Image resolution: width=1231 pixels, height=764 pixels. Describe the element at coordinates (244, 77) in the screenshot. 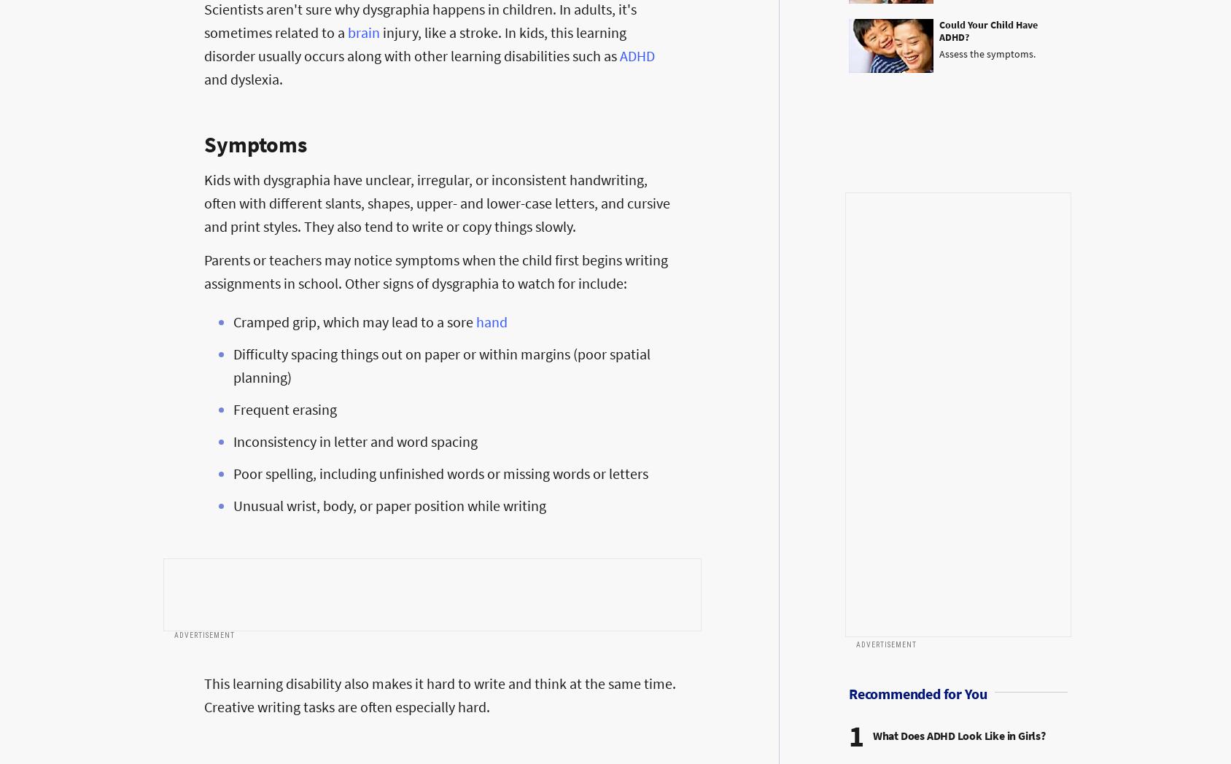

I see `'and dyslexia.'` at that location.